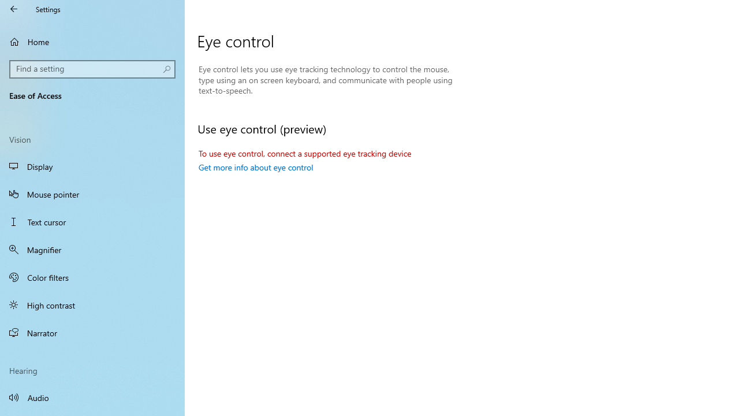 Image resolution: width=739 pixels, height=416 pixels. I want to click on 'Home', so click(92, 41).